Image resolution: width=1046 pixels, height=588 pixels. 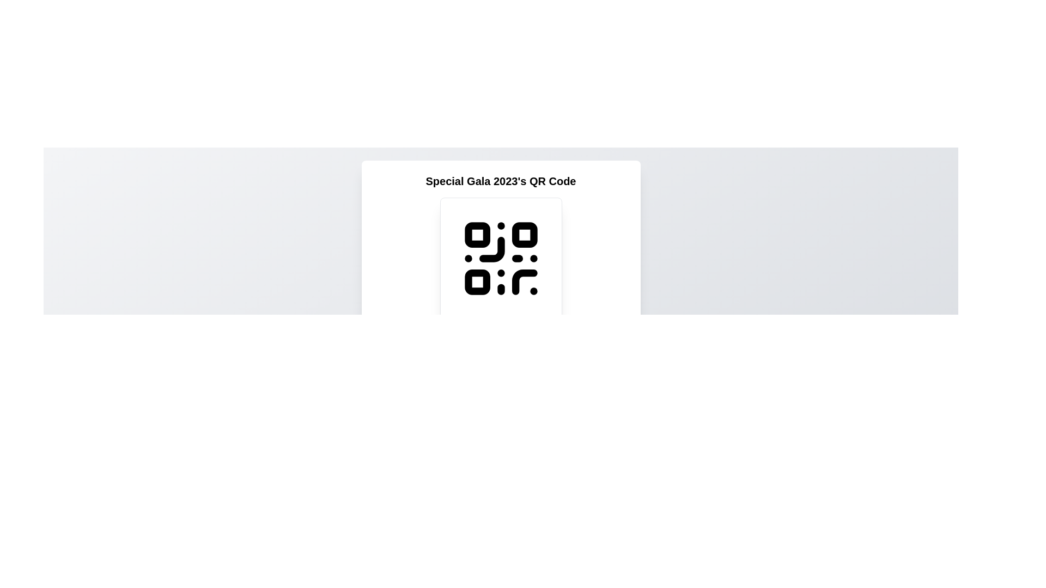 I want to click on the small, square shape with rounded corners and filled in white located in the top-left corner of the QR code area, if interaction is supported, so click(x=477, y=234).